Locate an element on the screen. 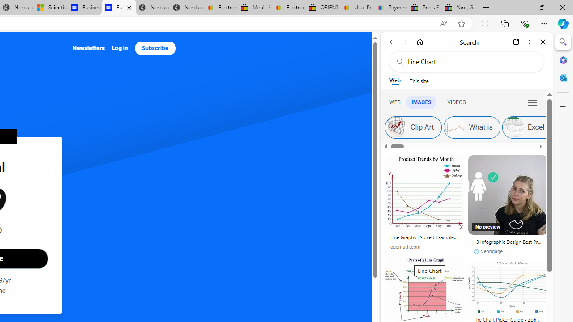 Image resolution: width=573 pixels, height=322 pixels. 'Newsletters' is located at coordinates (89, 48).